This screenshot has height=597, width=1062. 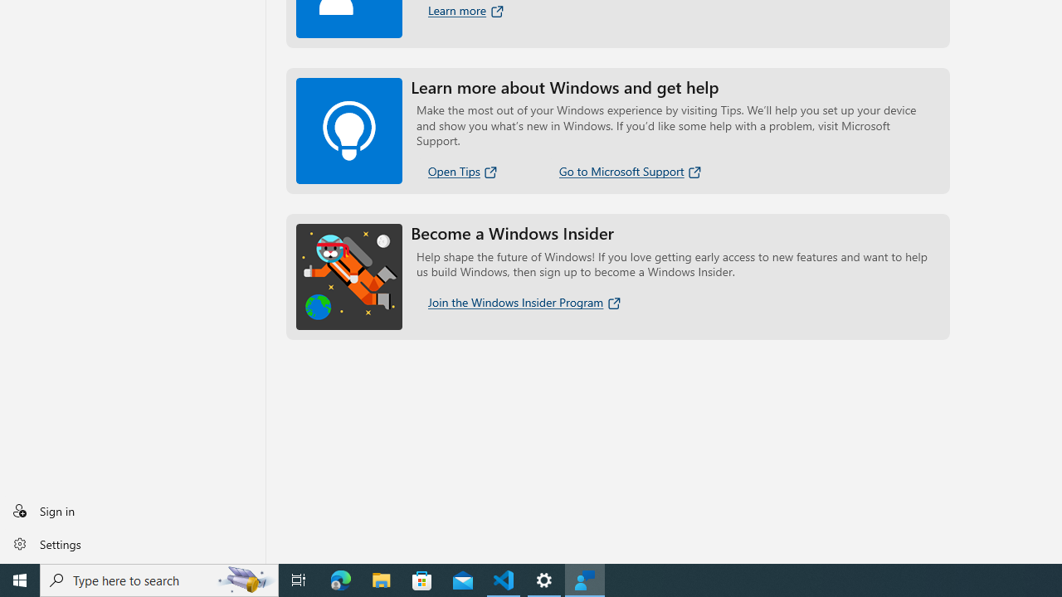 I want to click on 'Join the Windows Insider Program', so click(x=524, y=303).